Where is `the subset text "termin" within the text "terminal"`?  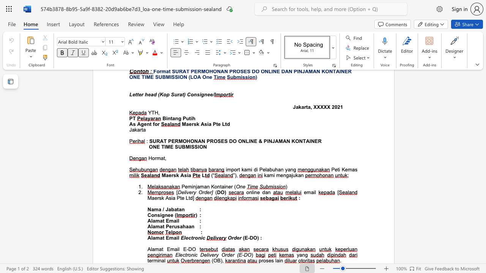 the subset text "termin" within the text "terminal" is located at coordinates (147, 260).